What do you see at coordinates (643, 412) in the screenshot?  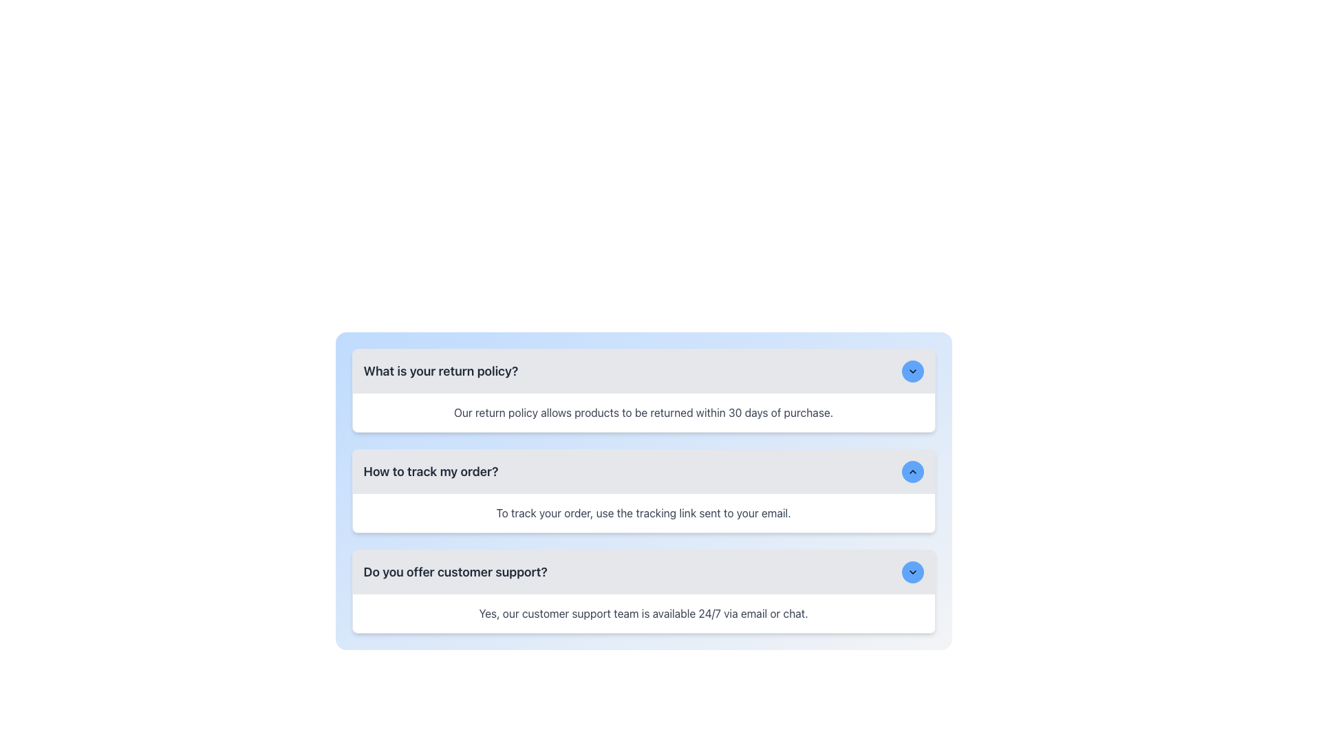 I see `text content of the information display about the company's return policy, which is located below the question 'What is your return policy?'` at bounding box center [643, 412].